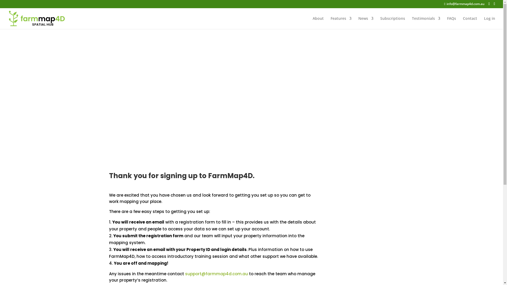  Describe the element at coordinates (464, 4) in the screenshot. I see `'info@farmmap4d.com.au'` at that location.